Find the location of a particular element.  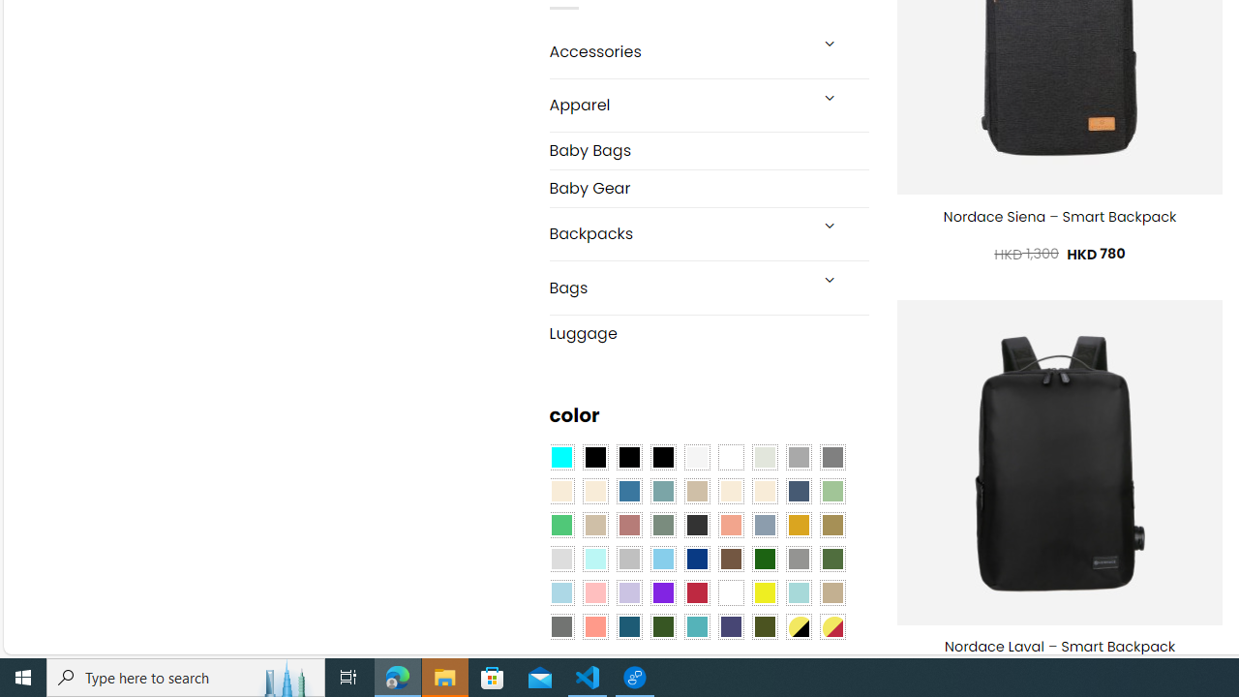

'Kelp' is located at coordinates (832, 525).